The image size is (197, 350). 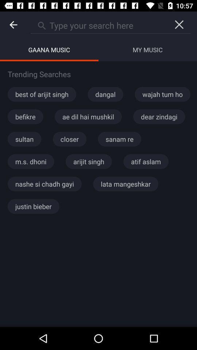 What do you see at coordinates (45, 183) in the screenshot?
I see `app above justin bieber` at bounding box center [45, 183].